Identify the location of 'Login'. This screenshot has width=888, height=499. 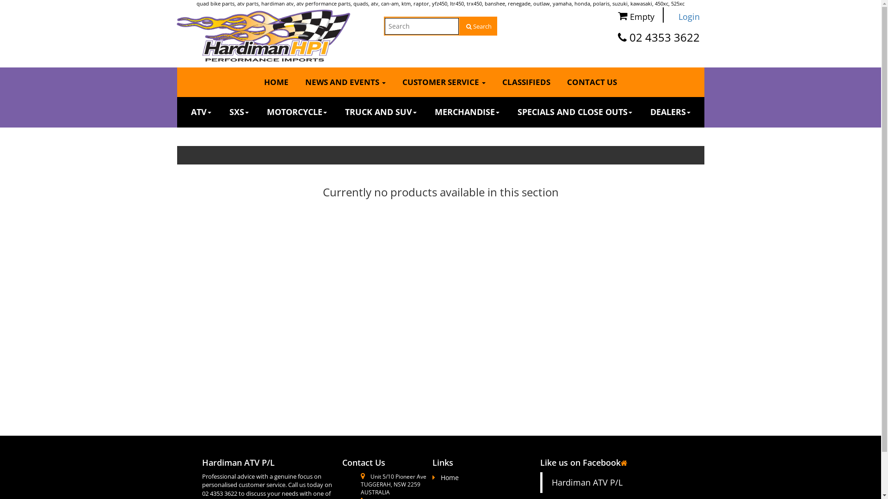
(685, 17).